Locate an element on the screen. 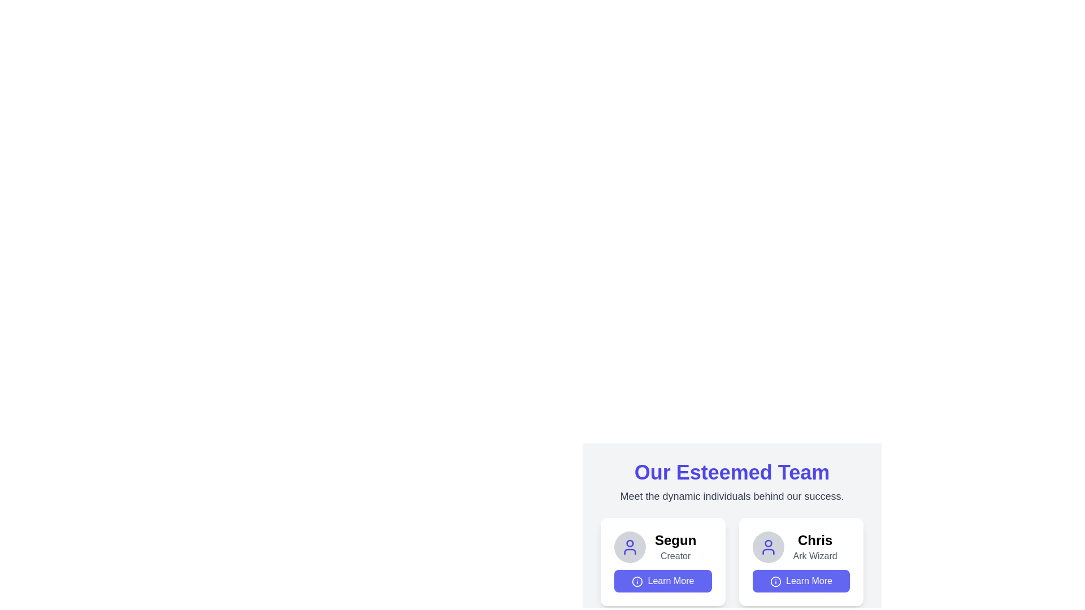 This screenshot has height=610, width=1085. the static text label displaying the name 'Chris', which is prominently styled in bold, large sans-serif font, located in the second card of the team member section is located at coordinates (815, 539).